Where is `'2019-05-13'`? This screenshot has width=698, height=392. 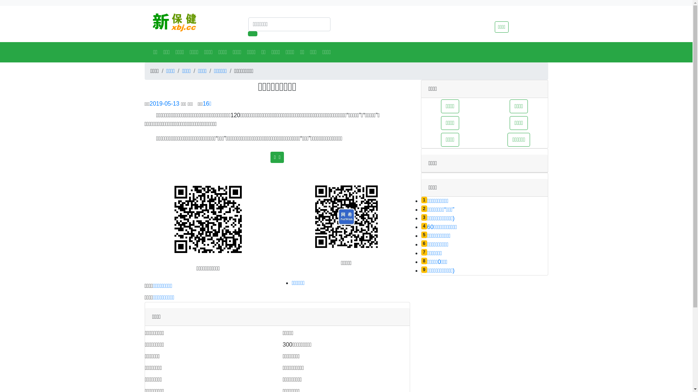
'2019-05-13' is located at coordinates (164, 103).